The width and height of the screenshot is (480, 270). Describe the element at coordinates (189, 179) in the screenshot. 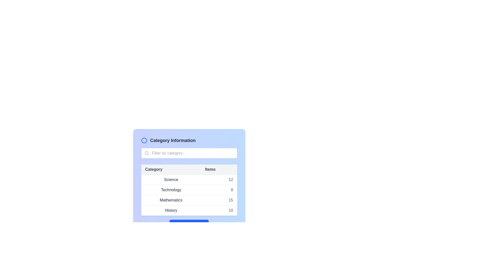

I see `the first table row displaying the category name 'Science' and its item count '12'` at that location.